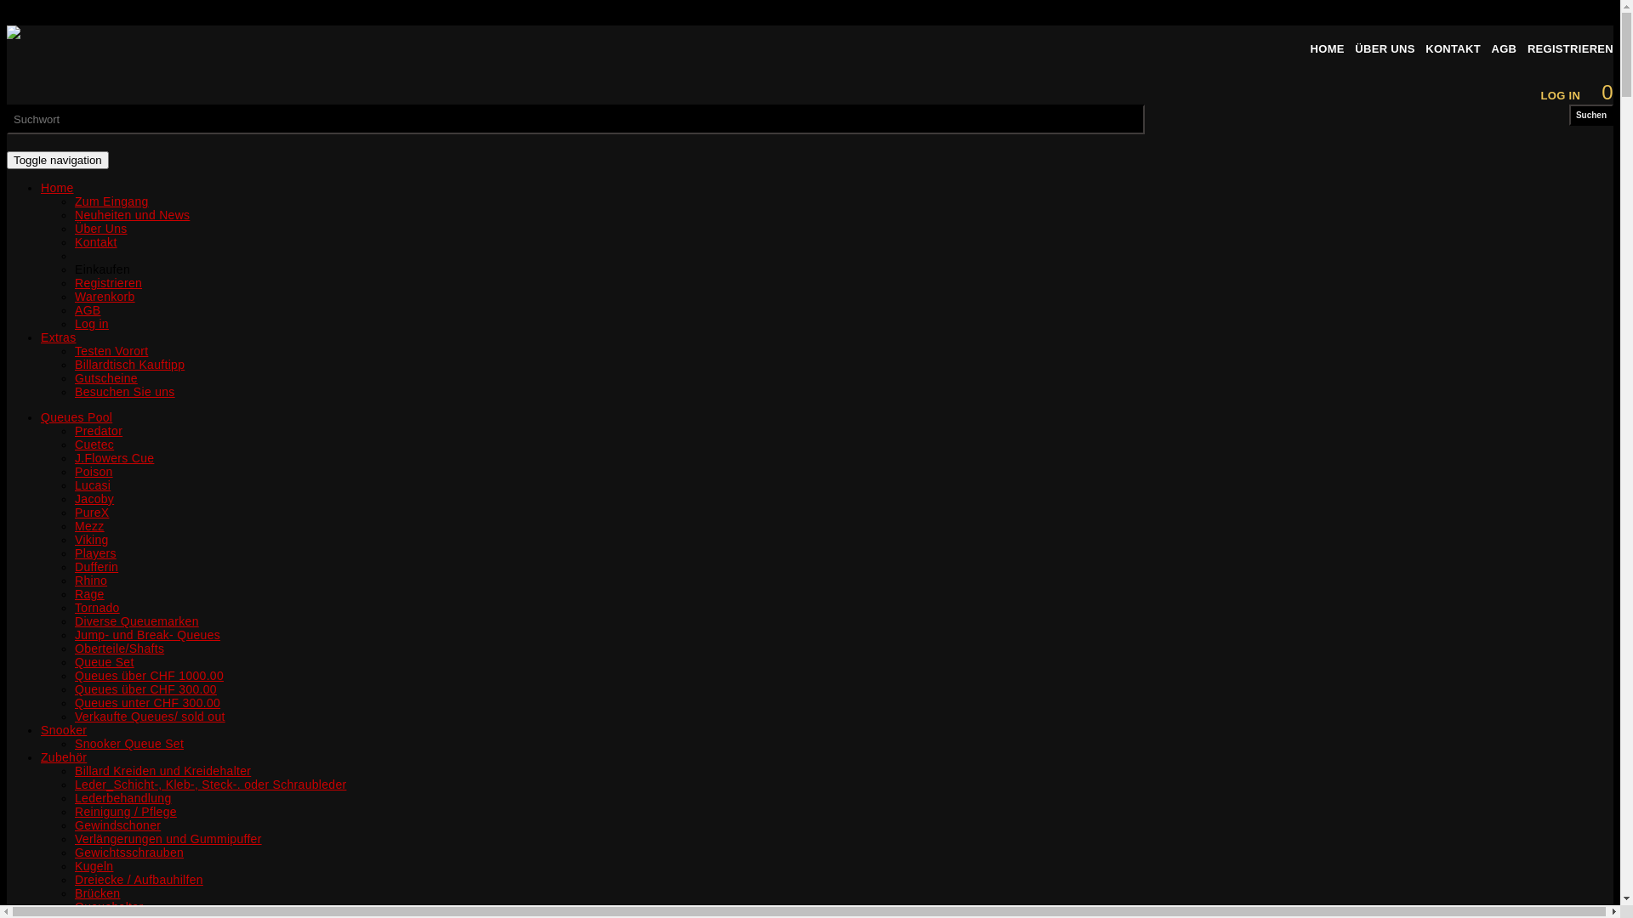 The height and width of the screenshot is (918, 1633). What do you see at coordinates (73, 349) in the screenshot?
I see `'Testen Vorort'` at bounding box center [73, 349].